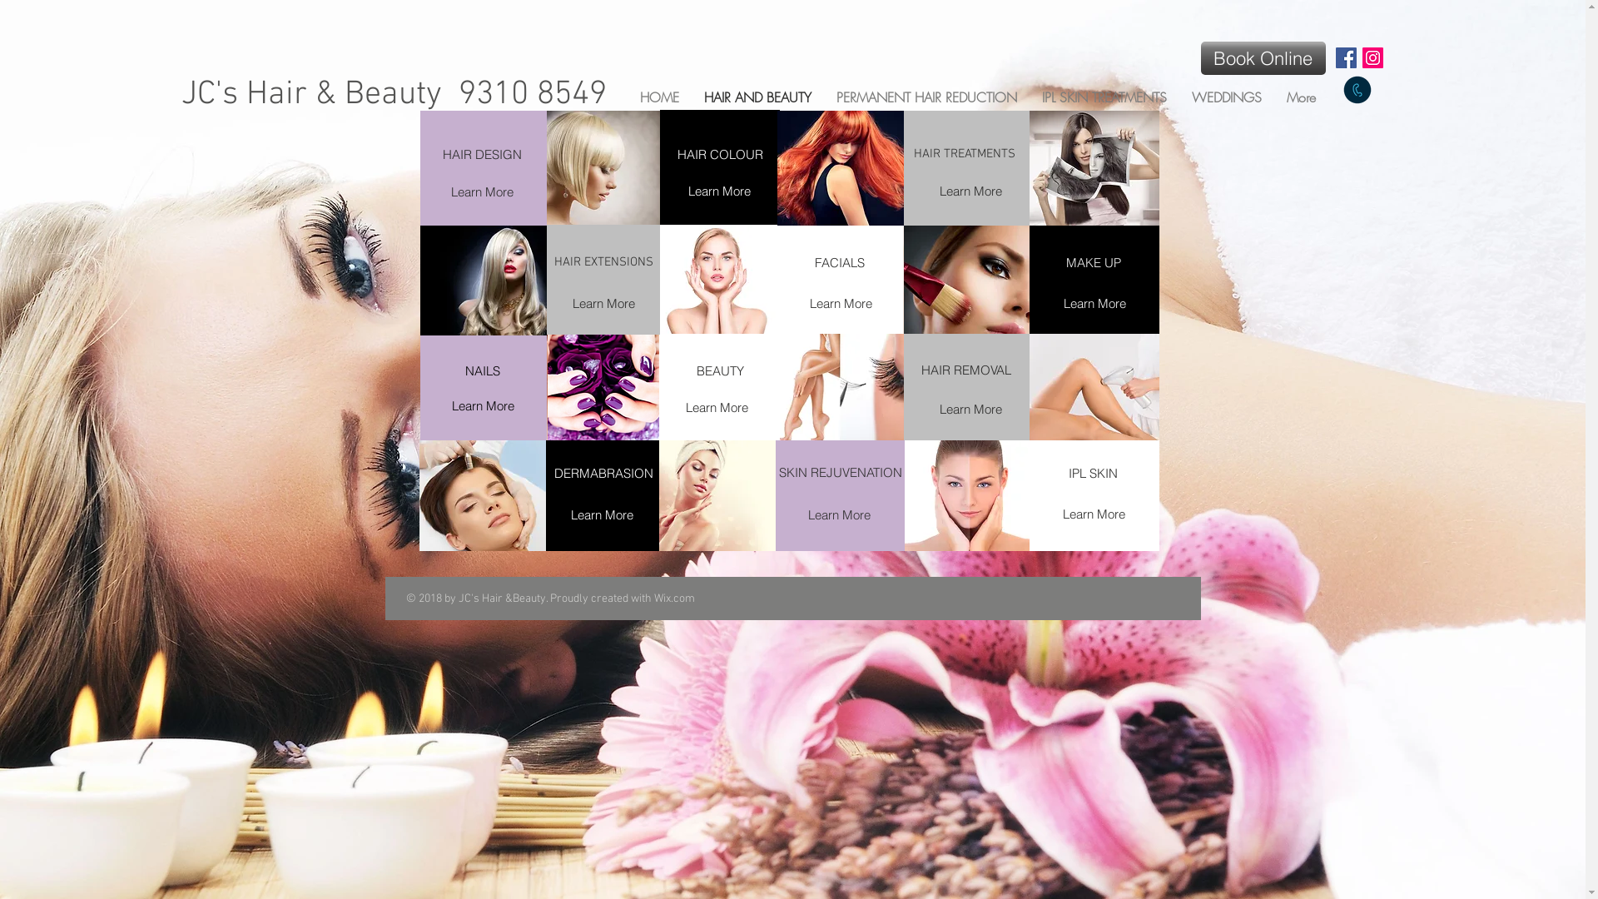 Image resolution: width=1598 pixels, height=899 pixels. I want to click on 'WEDDINGS', so click(1178, 96).